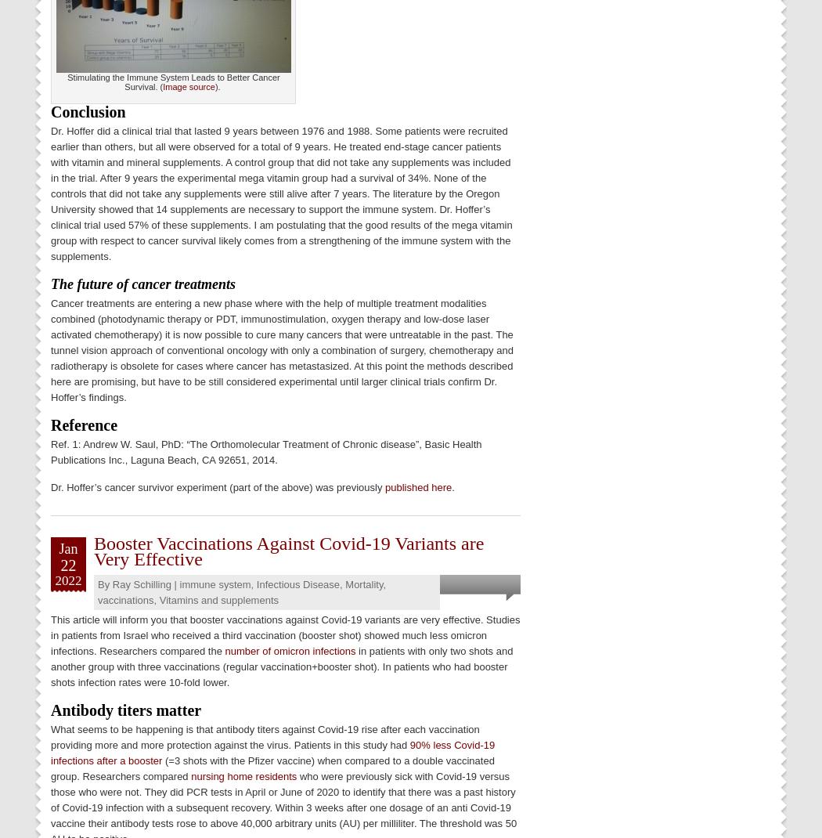 The width and height of the screenshot is (822, 838). I want to click on '22', so click(68, 563).